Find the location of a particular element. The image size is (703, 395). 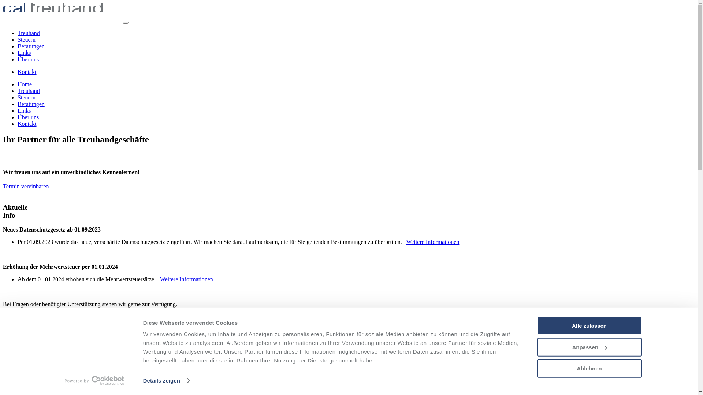

'Alle zulassen' is located at coordinates (589, 325).